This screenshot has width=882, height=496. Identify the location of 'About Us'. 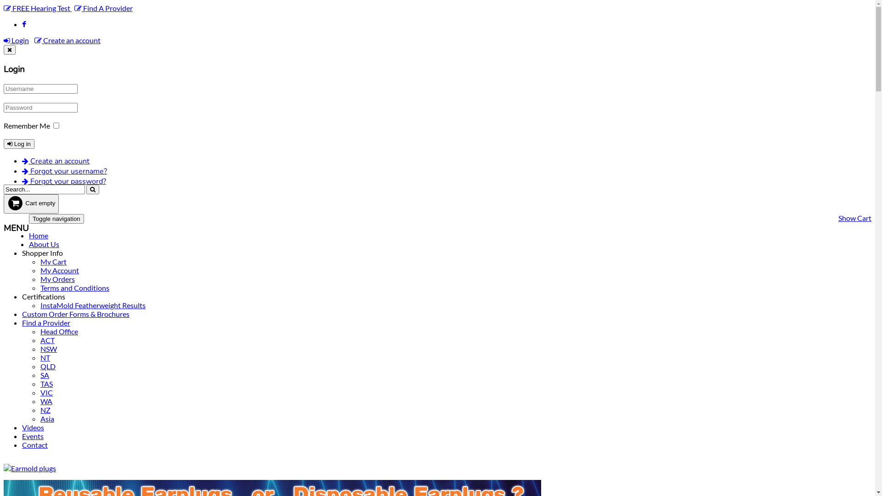
(44, 243).